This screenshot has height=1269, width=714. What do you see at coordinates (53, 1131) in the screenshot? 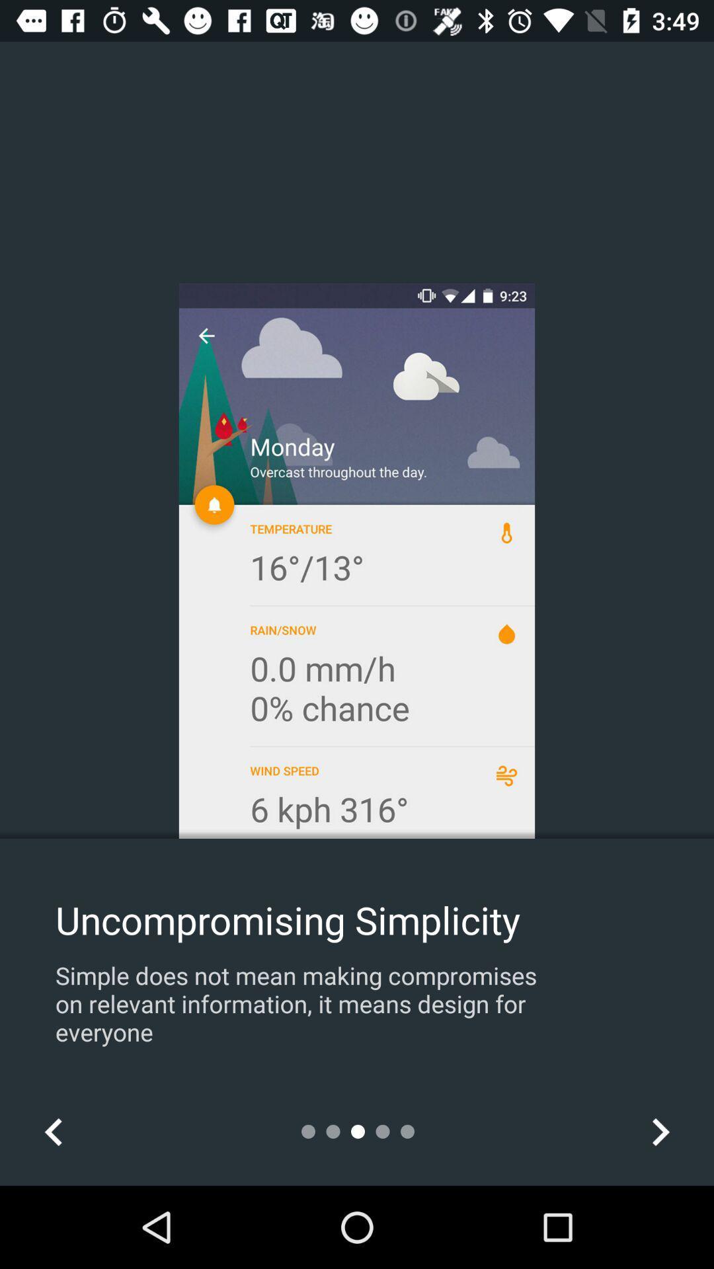
I see `the arrow_backward icon` at bounding box center [53, 1131].